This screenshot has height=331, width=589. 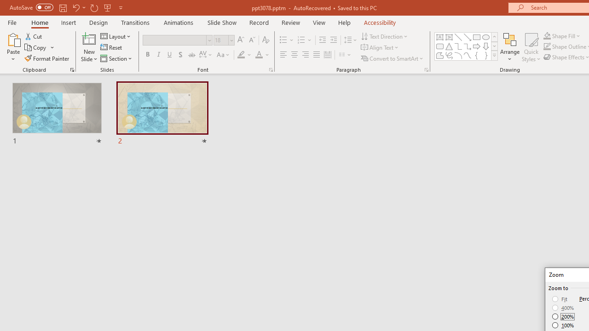 I want to click on 'Shape Outline Green, Accent 1', so click(x=547, y=46).